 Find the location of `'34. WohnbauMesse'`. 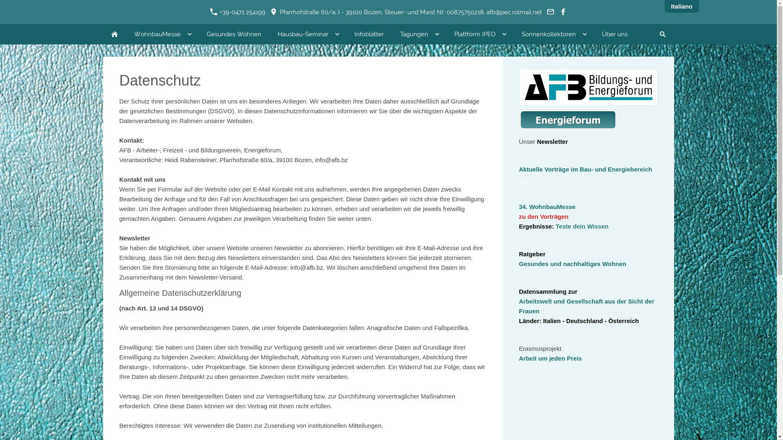

'34. WohnbauMesse' is located at coordinates (547, 206).